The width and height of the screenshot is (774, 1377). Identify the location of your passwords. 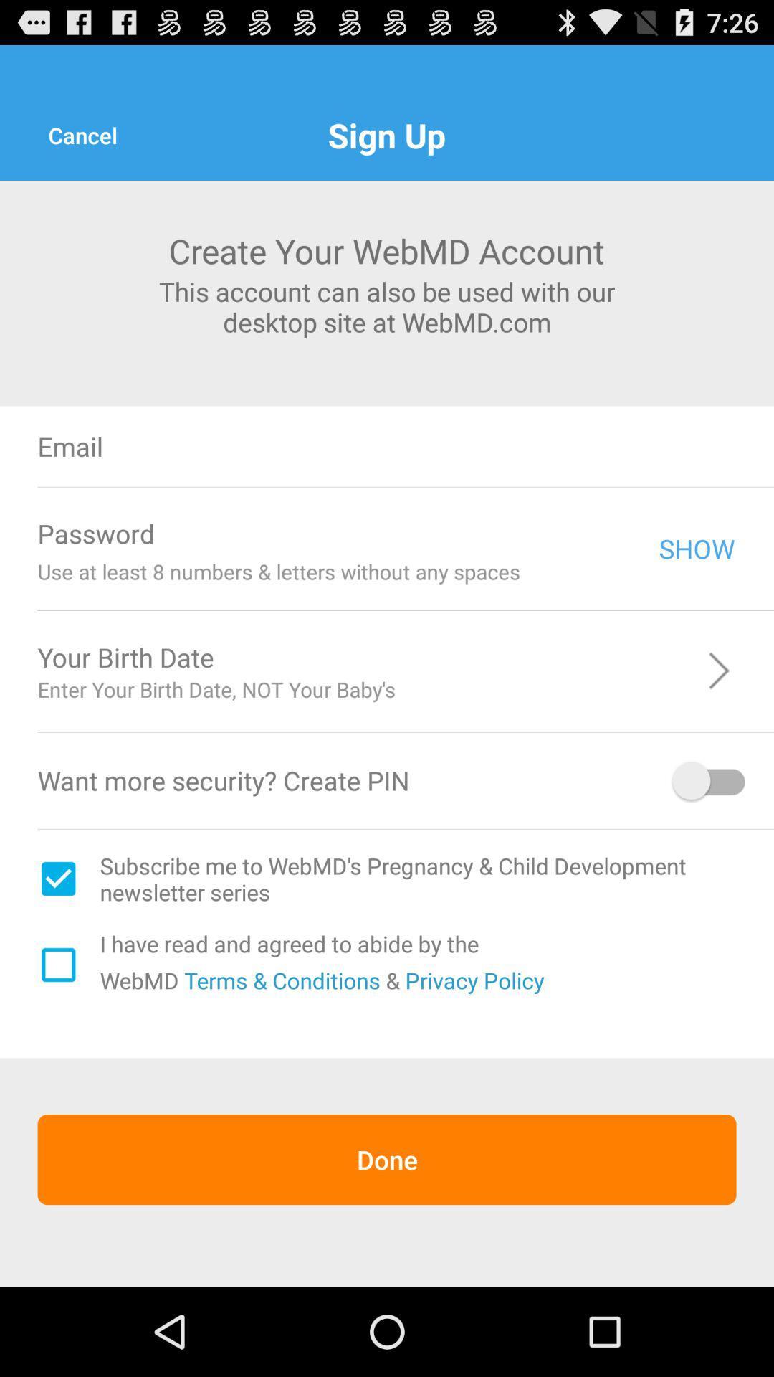
(415, 533).